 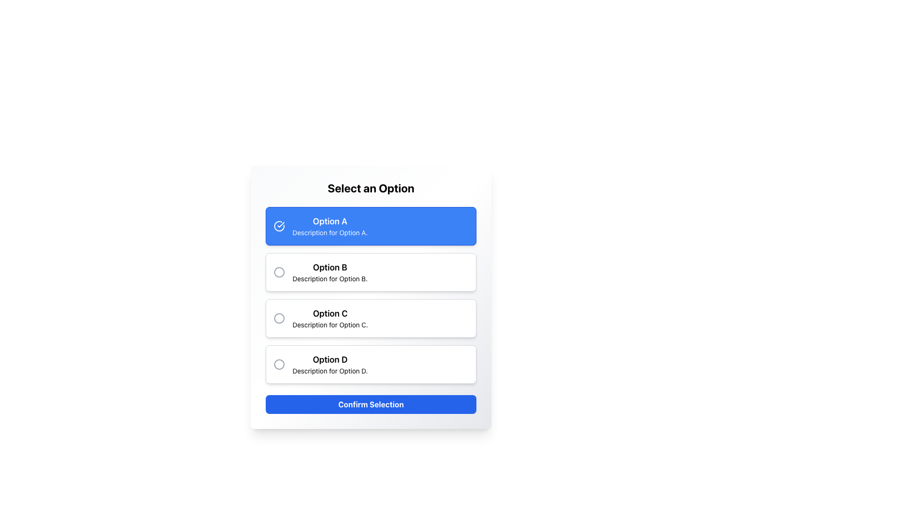 I want to click on the circular arc of the checkmark icon styled in white against a blue background, located within the option select row labeled 'Option A', so click(x=279, y=226).